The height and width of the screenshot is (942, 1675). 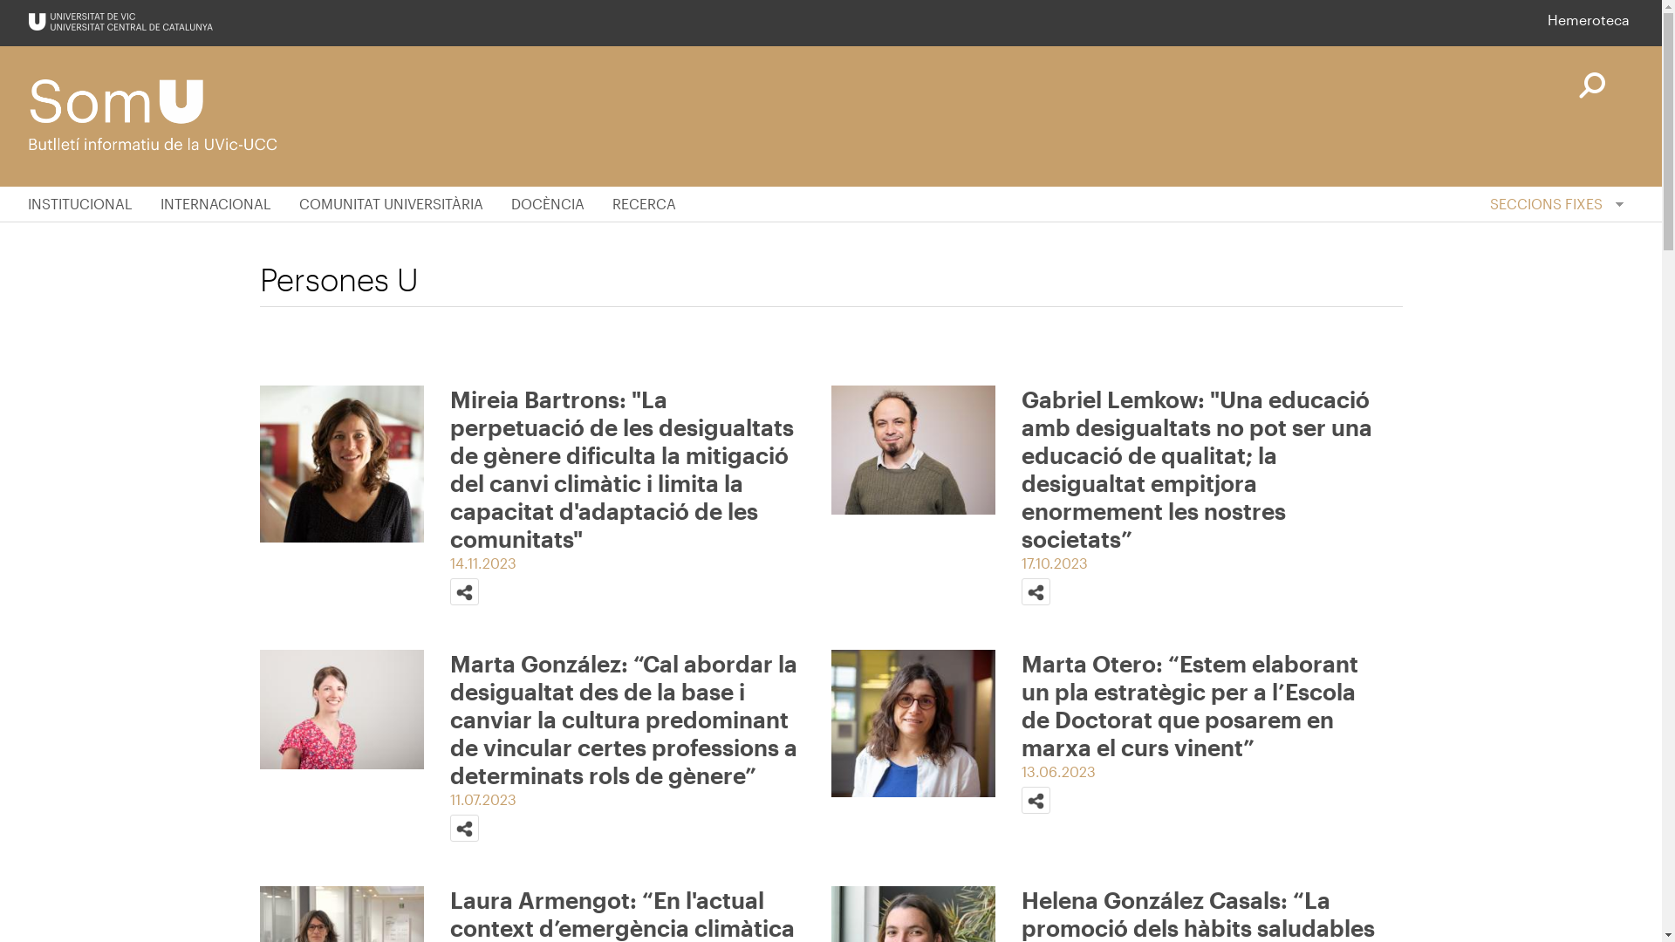 What do you see at coordinates (120, 21) in the screenshot?
I see `'www.uvic-ucc.cat'` at bounding box center [120, 21].